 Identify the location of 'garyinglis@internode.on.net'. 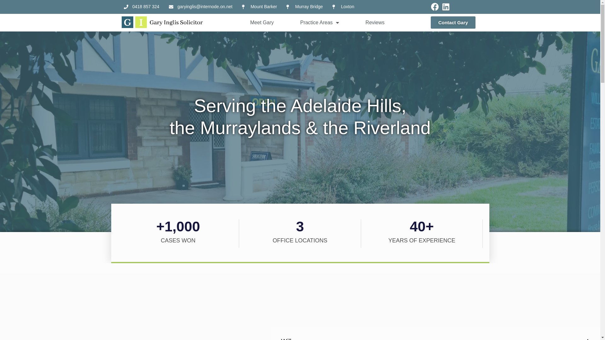
(200, 7).